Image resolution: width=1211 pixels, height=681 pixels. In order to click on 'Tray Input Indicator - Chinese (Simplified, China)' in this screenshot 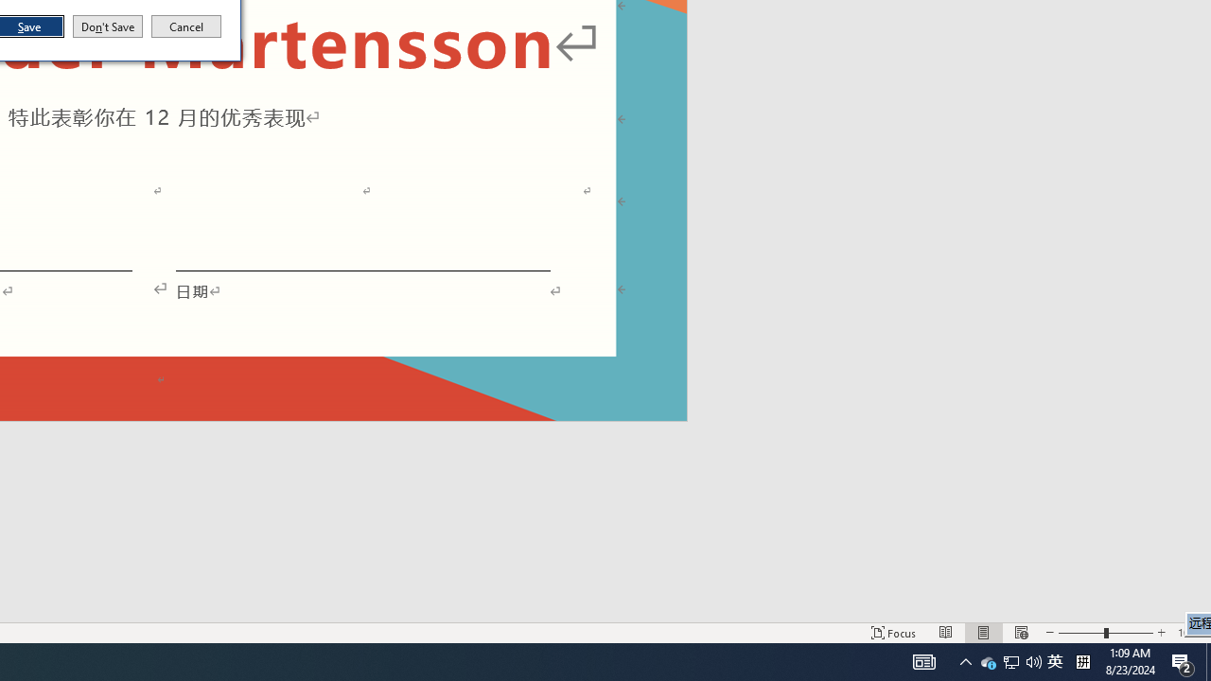, I will do `click(1082, 660)`.